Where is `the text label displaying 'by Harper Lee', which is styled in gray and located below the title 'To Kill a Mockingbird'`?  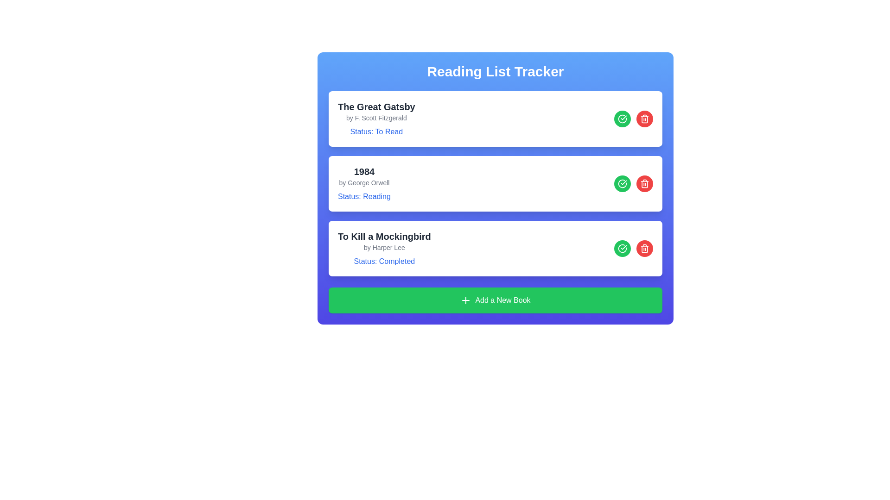
the text label displaying 'by Harper Lee', which is styled in gray and located below the title 'To Kill a Mockingbird' is located at coordinates (384, 247).